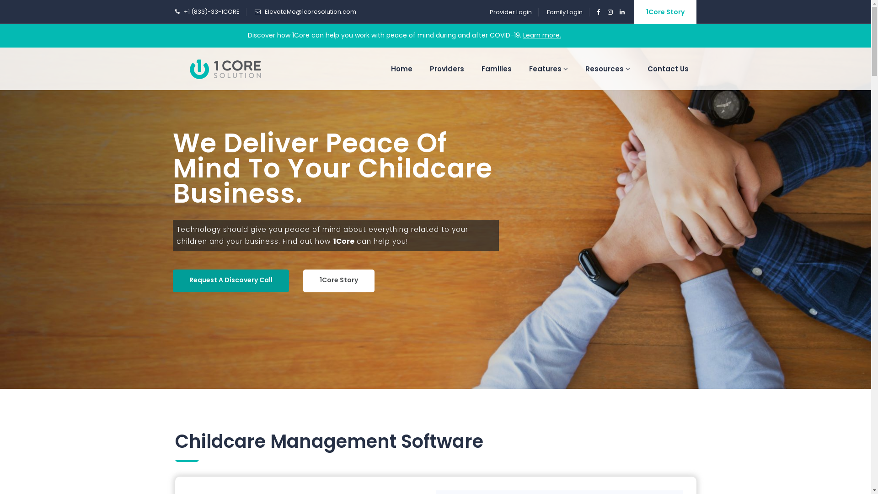 The image size is (878, 494). What do you see at coordinates (564, 12) in the screenshot?
I see `'Family Login'` at bounding box center [564, 12].